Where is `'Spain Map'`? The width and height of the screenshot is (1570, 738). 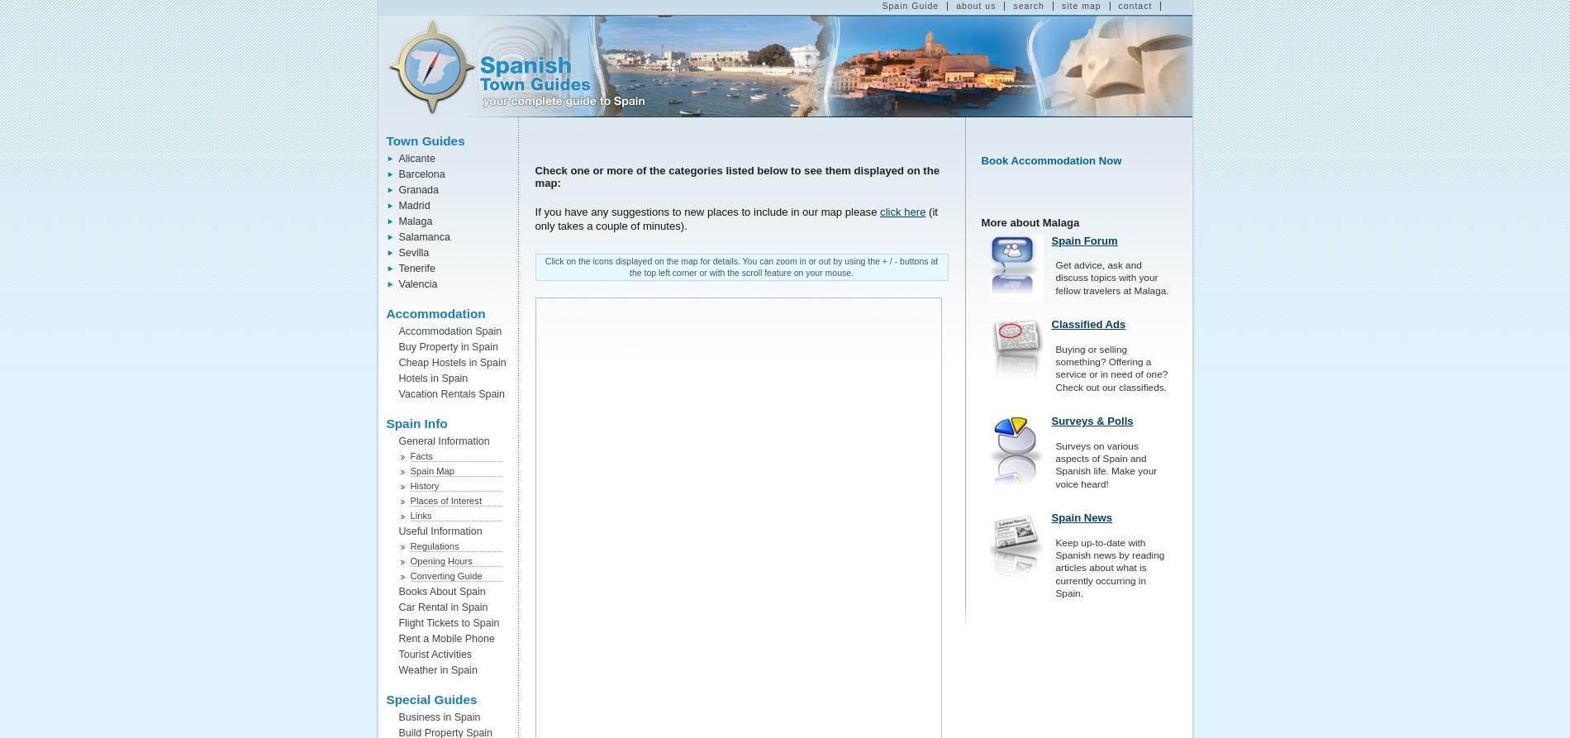
'Spain Map' is located at coordinates (410, 470).